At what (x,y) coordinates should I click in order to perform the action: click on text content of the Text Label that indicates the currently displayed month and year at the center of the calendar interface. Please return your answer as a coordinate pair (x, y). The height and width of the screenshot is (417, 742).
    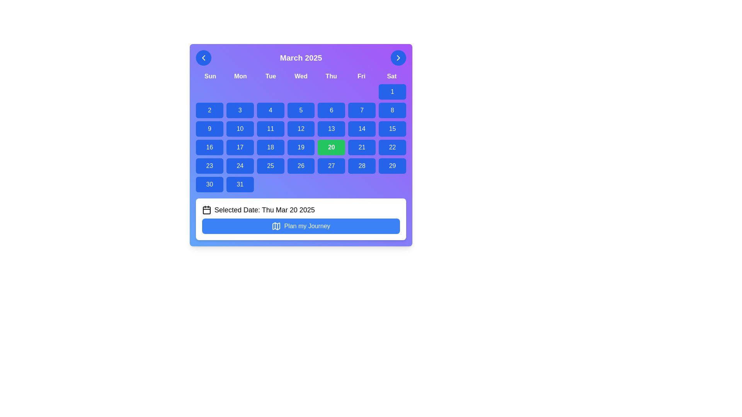
    Looking at the image, I should click on (300, 58).